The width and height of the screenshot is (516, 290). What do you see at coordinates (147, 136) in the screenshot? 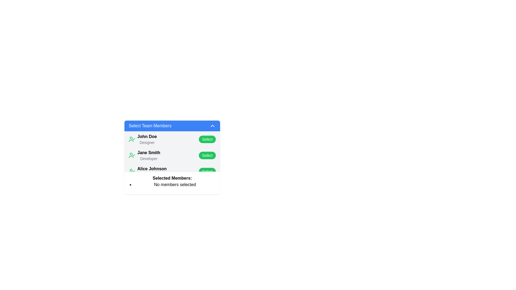
I see `the bold-styled text 'John Doe' to activate any tooltips` at bounding box center [147, 136].